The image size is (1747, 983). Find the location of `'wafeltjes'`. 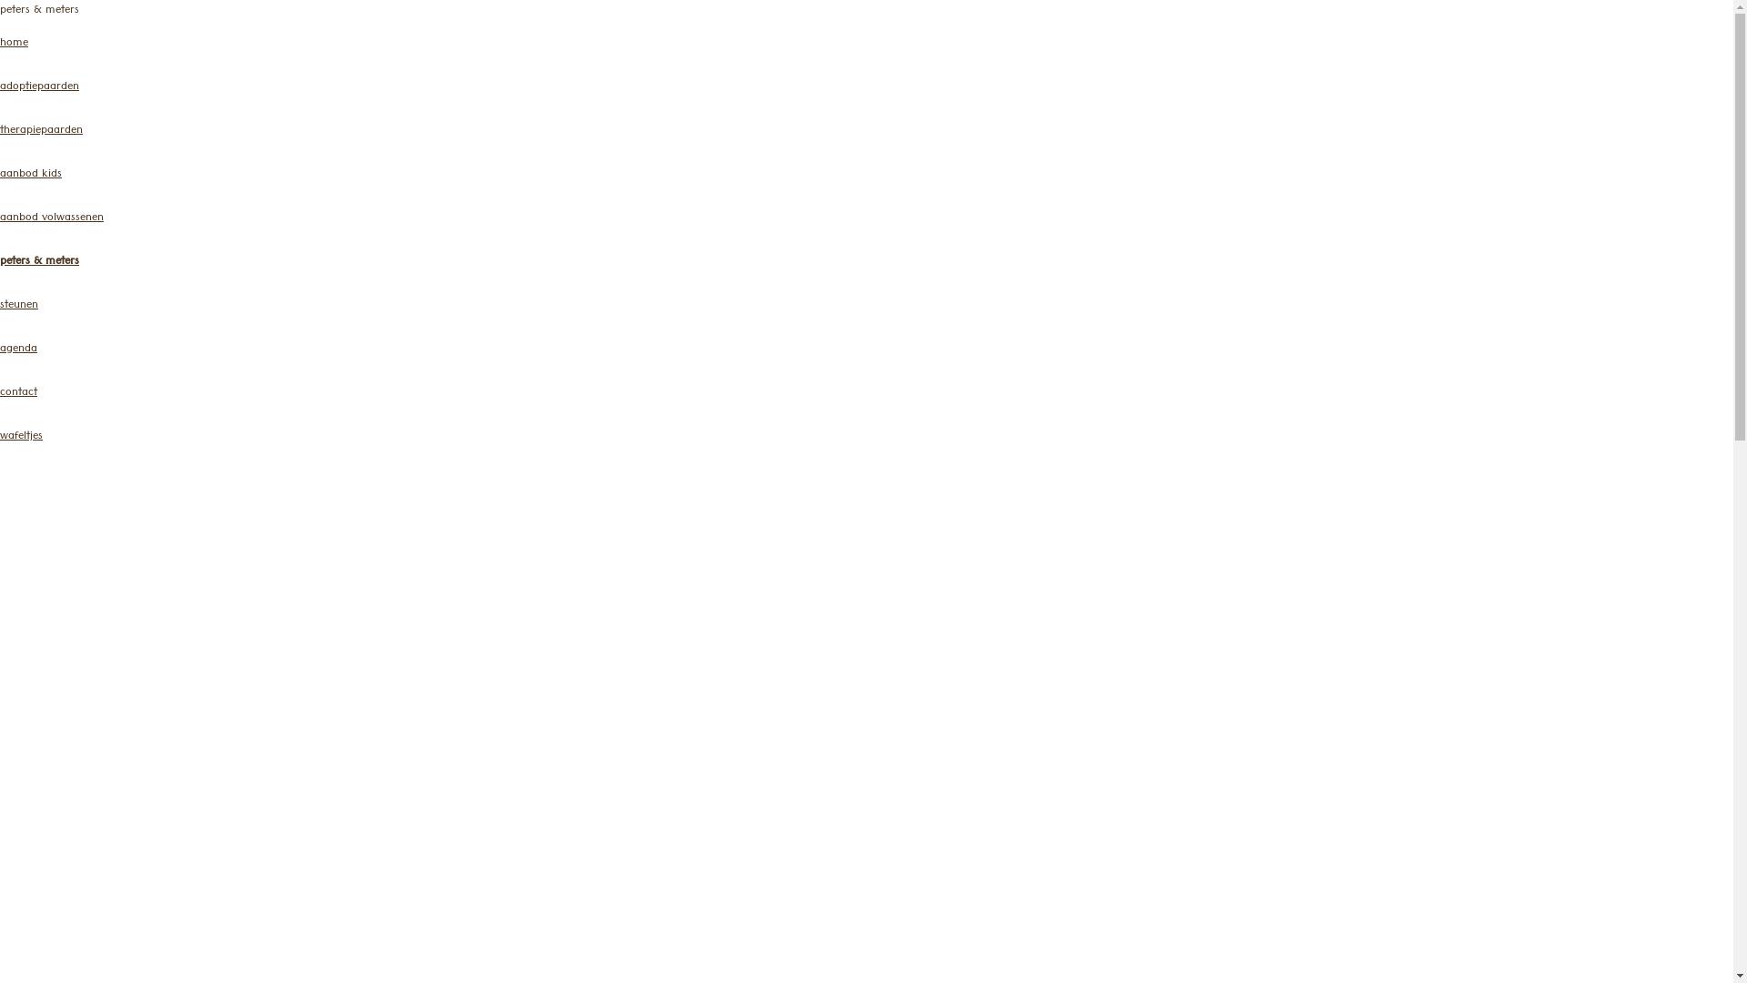

'wafeltjes' is located at coordinates (21, 437).